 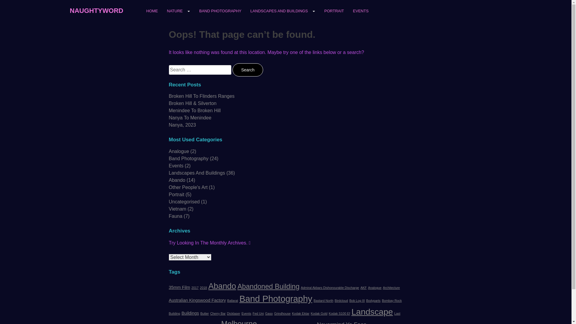 I want to click on '35mm Film', so click(x=179, y=287).